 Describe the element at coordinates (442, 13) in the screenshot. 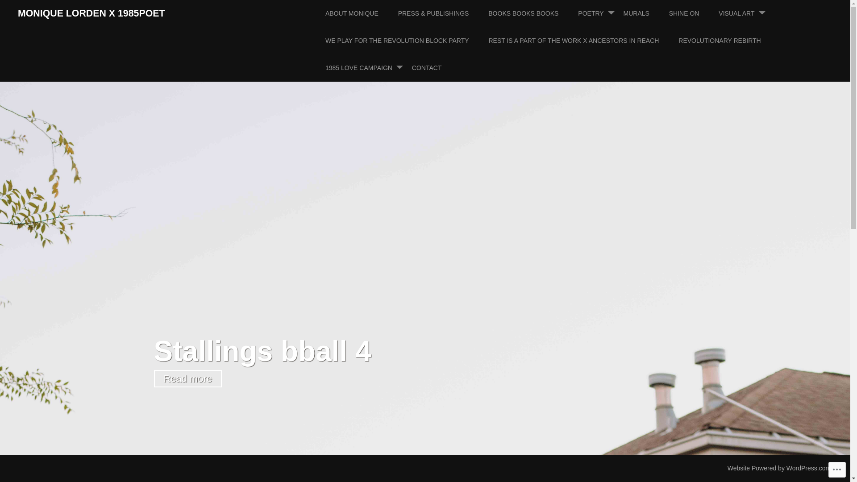

I see `'PRESS & PUBLISHINGS'` at that location.